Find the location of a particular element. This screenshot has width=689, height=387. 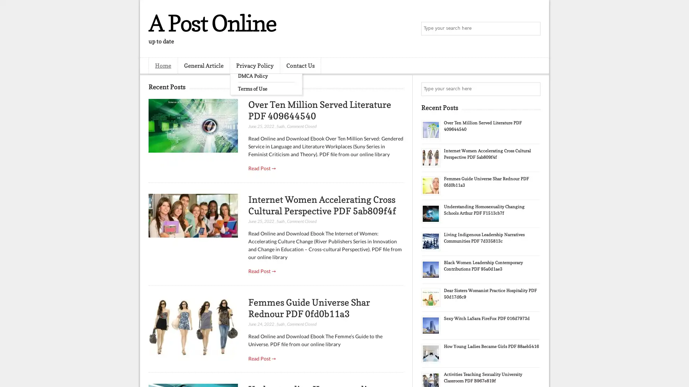

Search is located at coordinates (533, 29).